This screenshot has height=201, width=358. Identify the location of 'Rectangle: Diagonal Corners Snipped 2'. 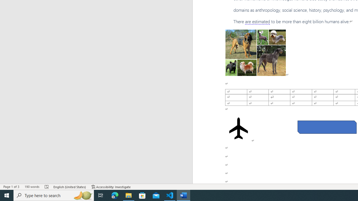
(327, 127).